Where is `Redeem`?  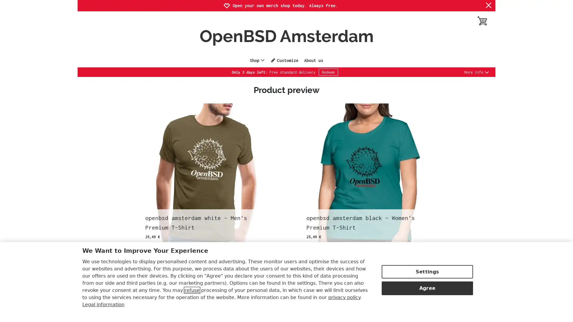 Redeem is located at coordinates (328, 72).